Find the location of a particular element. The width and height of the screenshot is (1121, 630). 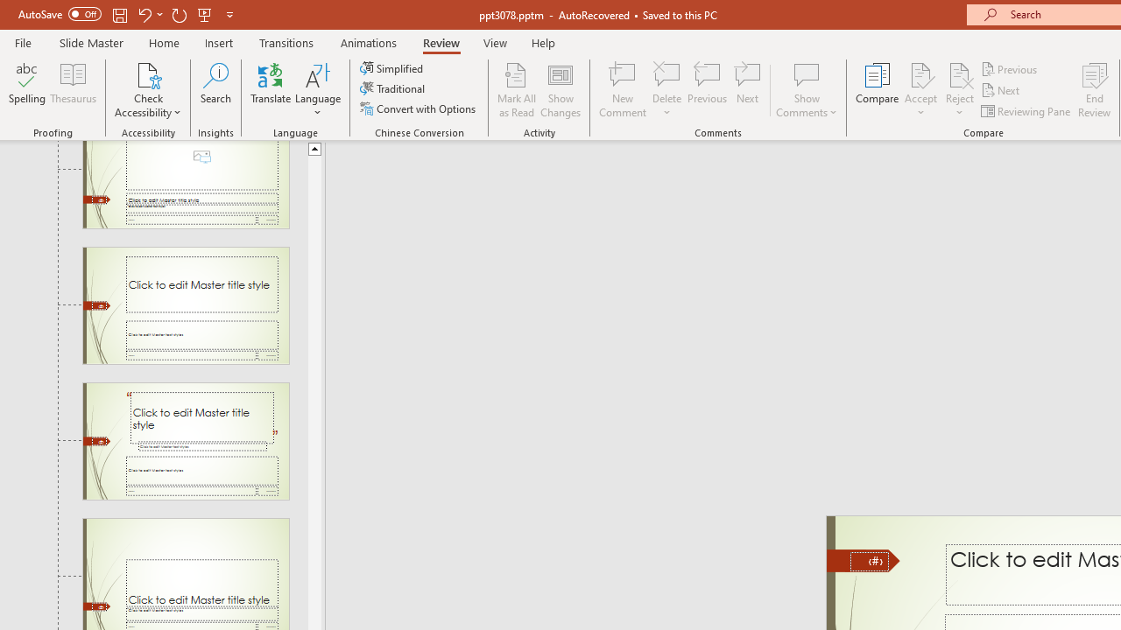

'Freeform 11' is located at coordinates (864, 560).